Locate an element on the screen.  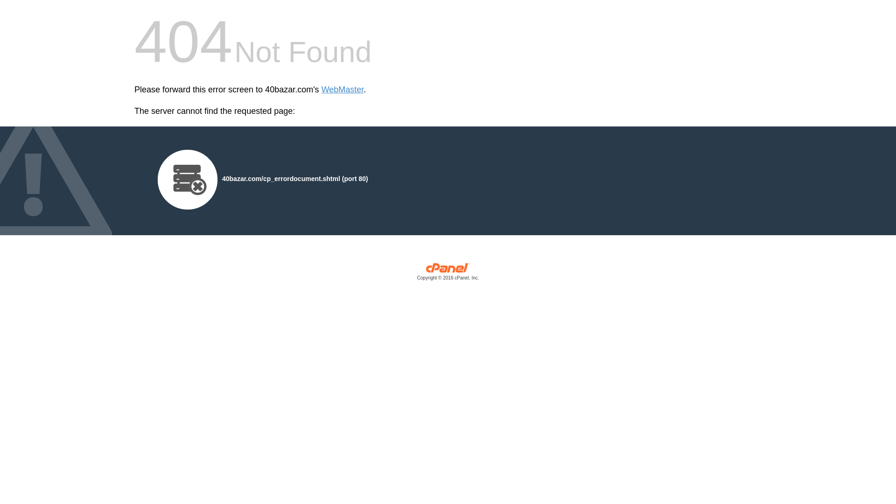
'WebMaster' is located at coordinates (342, 90).